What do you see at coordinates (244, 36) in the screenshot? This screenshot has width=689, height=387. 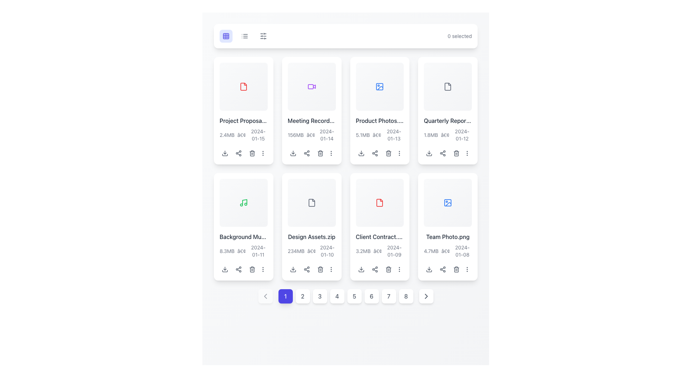 I see `the button with a list layout icon, styled in gray, located in the top-right section above the file grid view` at bounding box center [244, 36].